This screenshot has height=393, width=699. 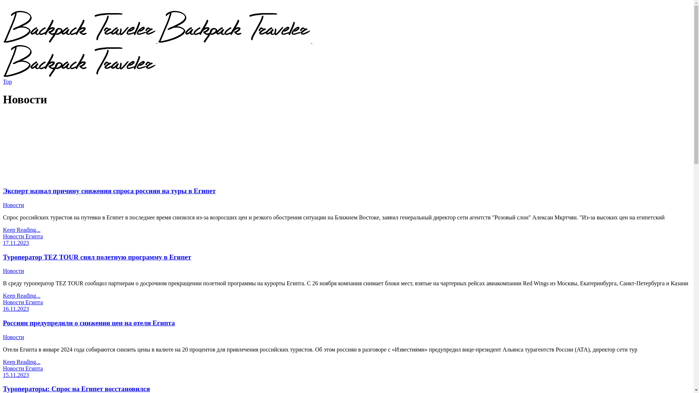 I want to click on '16.11.2023', so click(x=16, y=309).